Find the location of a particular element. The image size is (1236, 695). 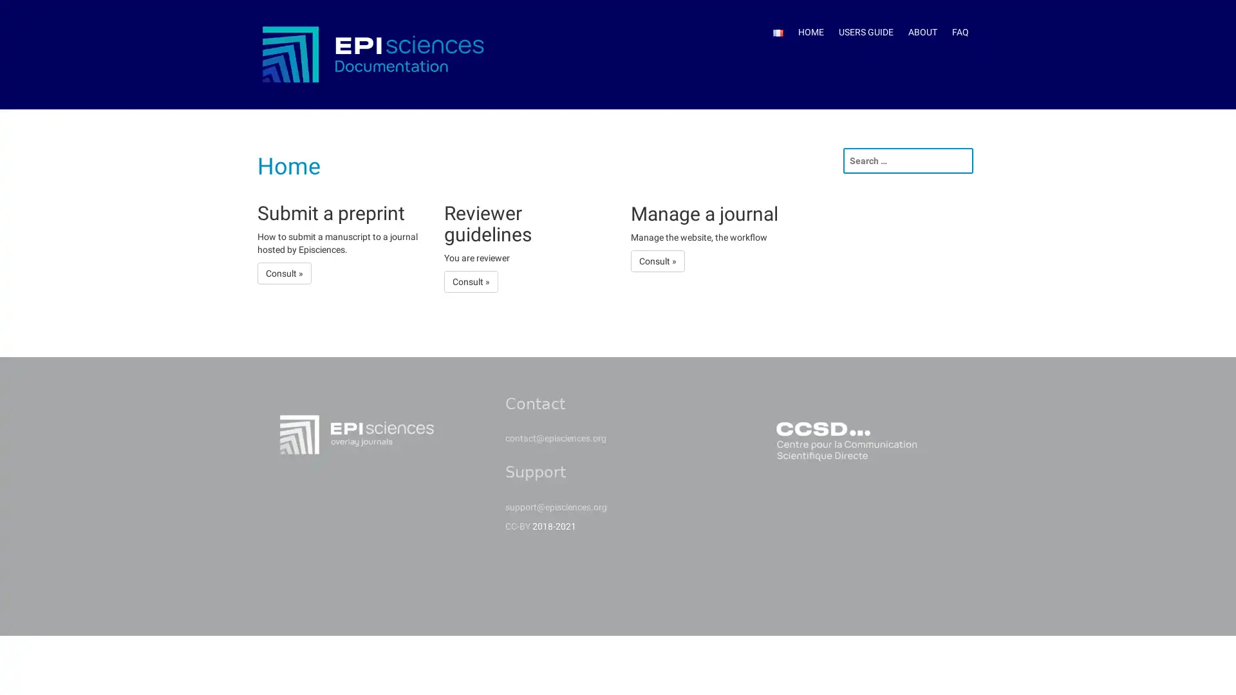

Consult is located at coordinates (283, 272).